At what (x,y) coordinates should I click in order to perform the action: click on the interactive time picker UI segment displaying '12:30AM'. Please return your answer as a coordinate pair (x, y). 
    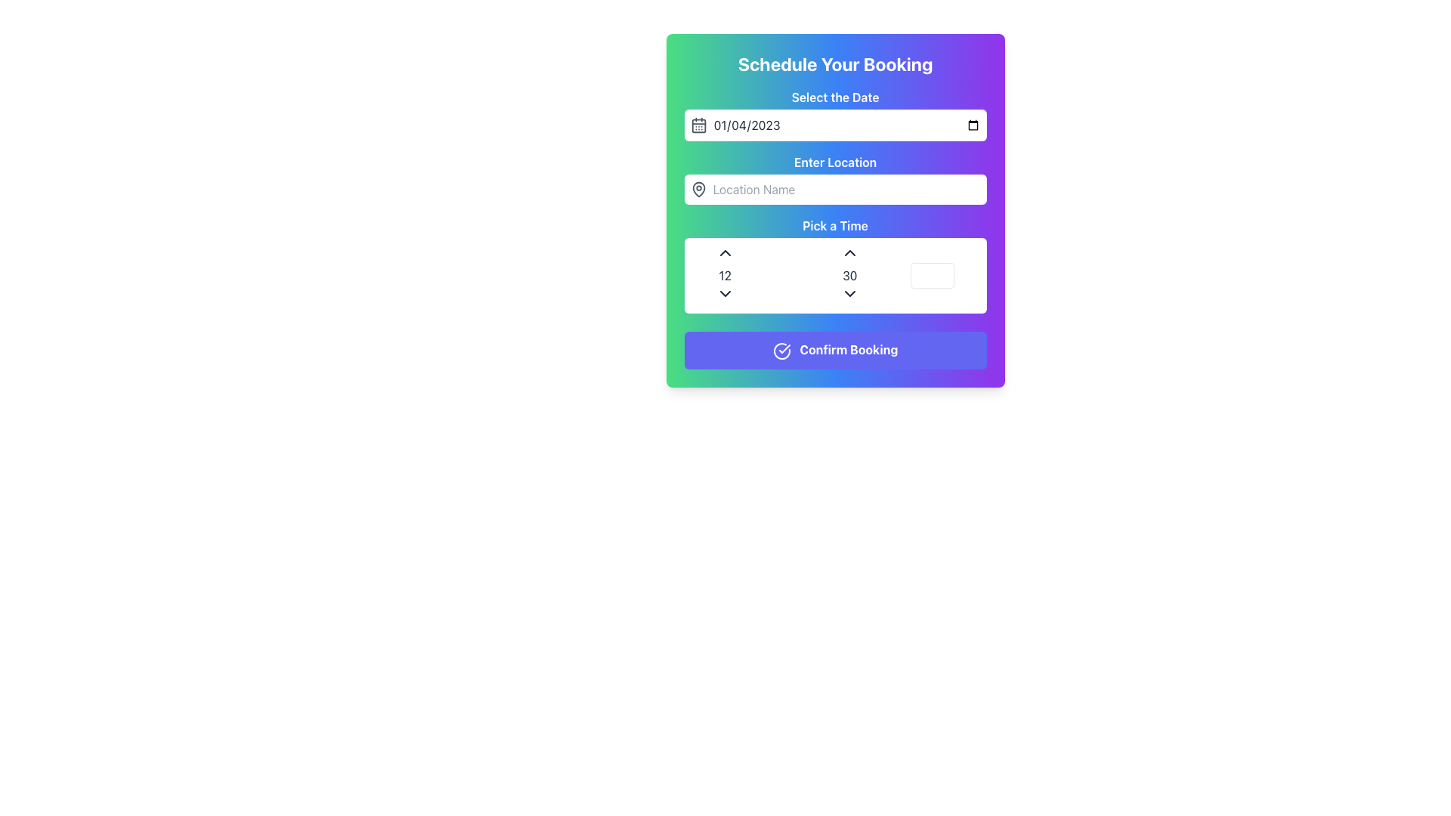
    Looking at the image, I should click on (834, 276).